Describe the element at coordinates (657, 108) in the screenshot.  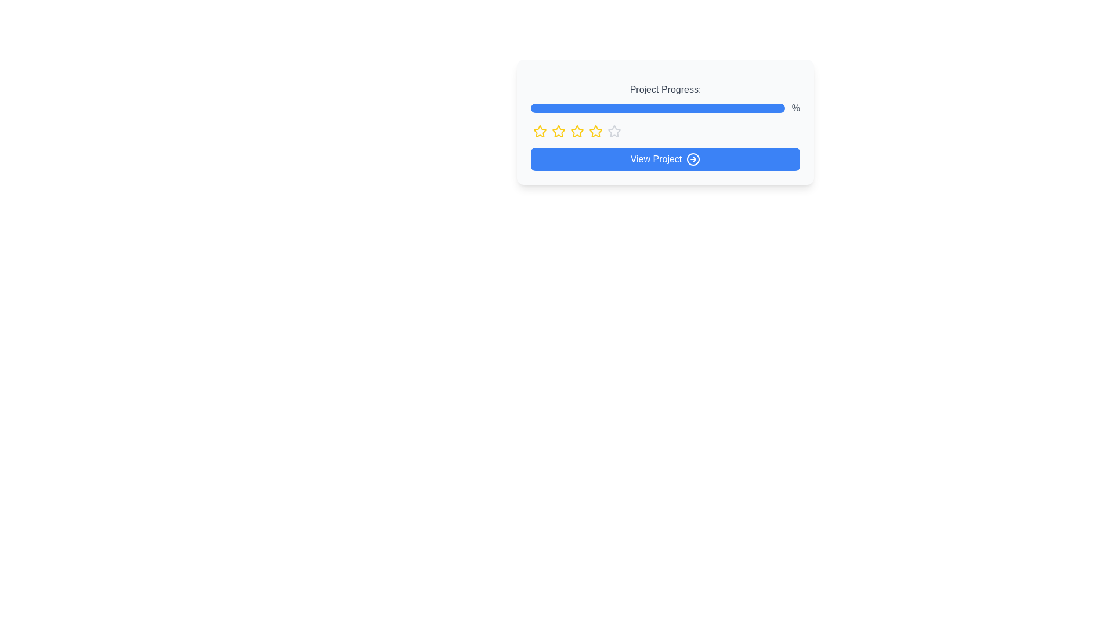
I see `the Progress Bar located at the top section of the card, directly below 'Project Progress:' and to the left of the '%' indicator` at that location.